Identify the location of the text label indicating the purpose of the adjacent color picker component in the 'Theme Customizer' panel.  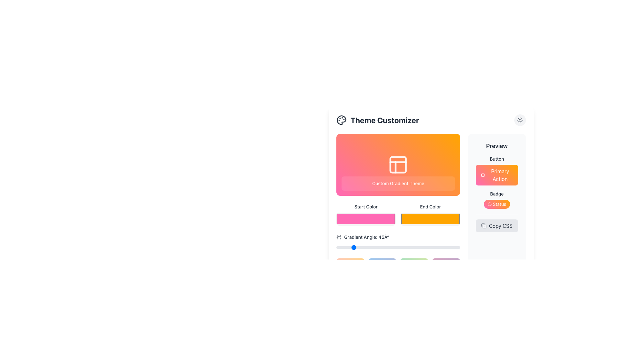
(366, 207).